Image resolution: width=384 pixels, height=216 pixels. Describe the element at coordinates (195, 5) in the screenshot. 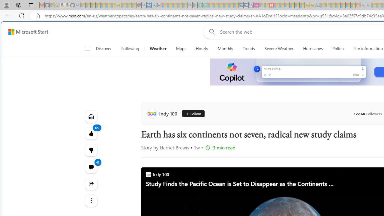

I see `'Bluey: Let'` at that location.